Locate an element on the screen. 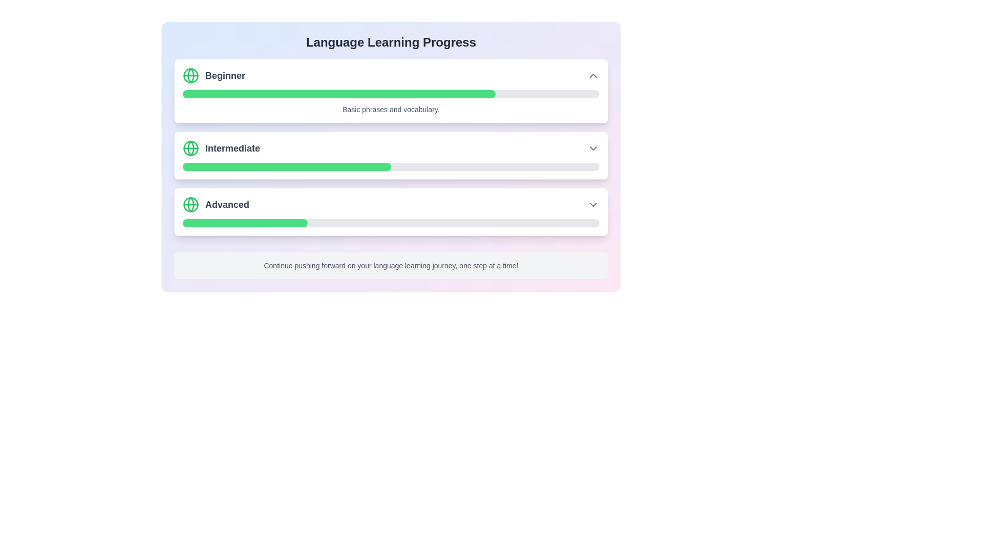 This screenshot has height=553, width=983. the fill level of the progress bar located beneath the bold title 'Beginner' and above the description 'Basic phrases and vocabulary'. The progress bar indicates a 75% completion with a green filled section is located at coordinates (390, 94).